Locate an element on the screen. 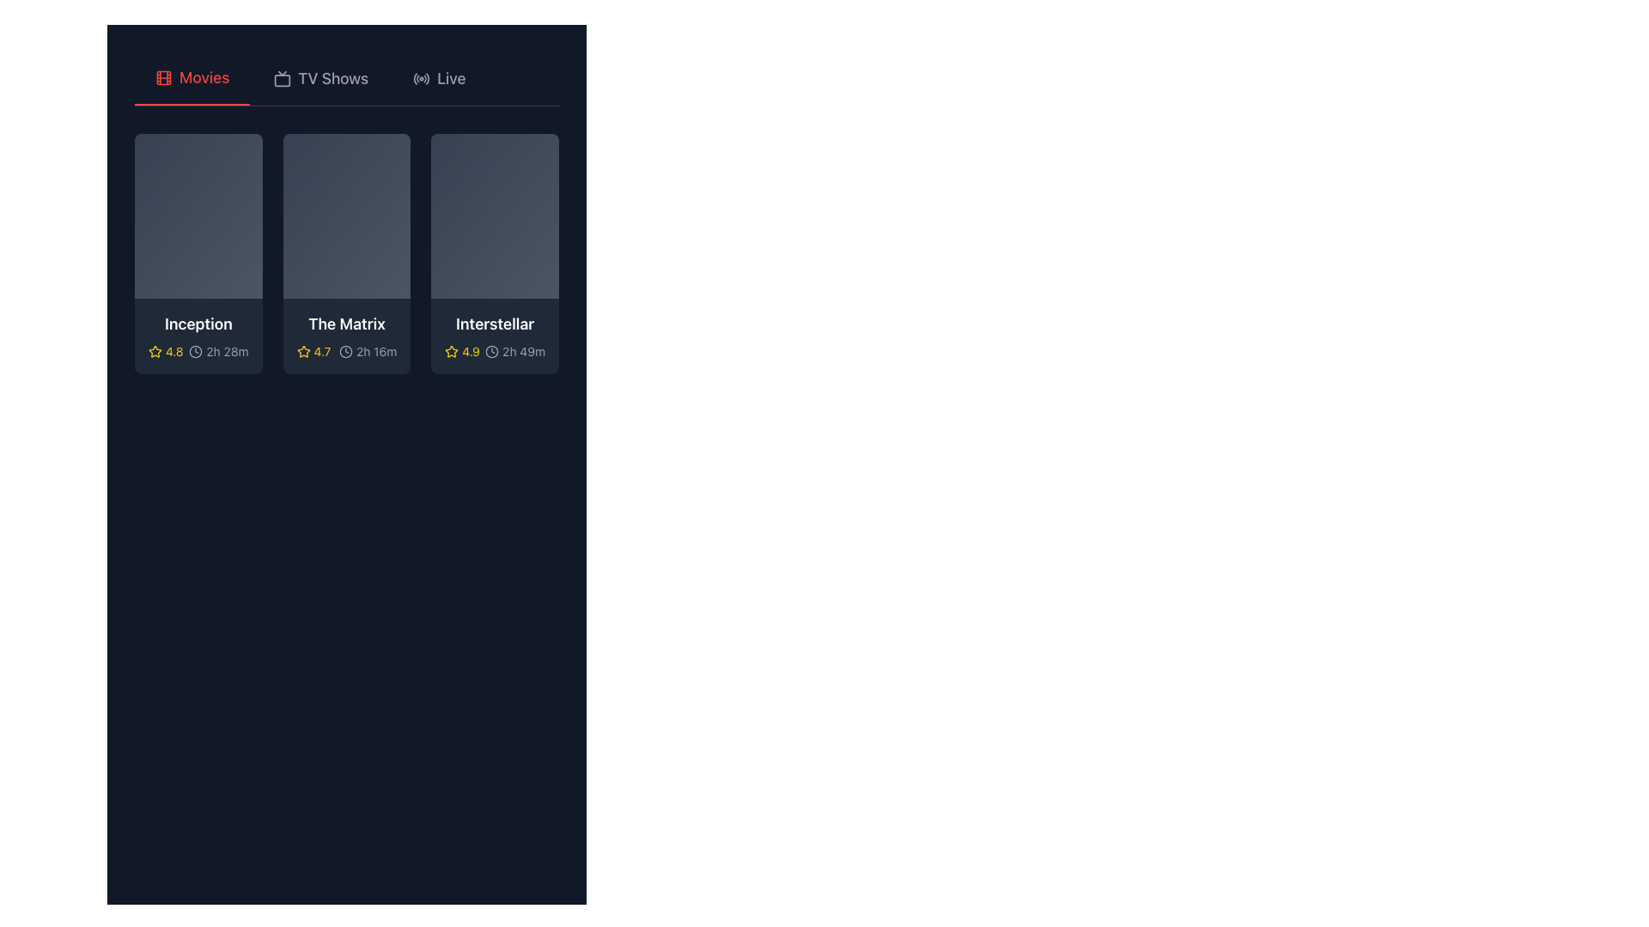  the SVG circle graphic that resembles a clock or timer representation located in the metadata or status section below the movie tiles is located at coordinates (491, 350).